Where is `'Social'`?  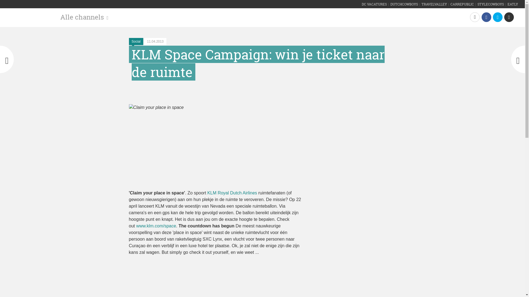 'Social' is located at coordinates (136, 41).